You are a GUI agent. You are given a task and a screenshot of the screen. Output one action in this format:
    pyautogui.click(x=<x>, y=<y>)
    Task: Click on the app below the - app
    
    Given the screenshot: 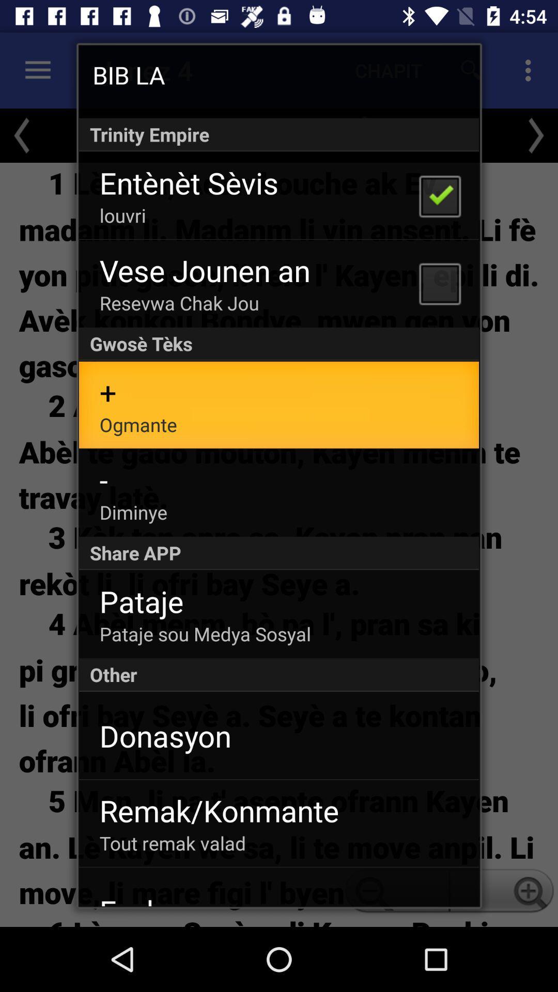 What is the action you would take?
    pyautogui.click(x=133, y=512)
    